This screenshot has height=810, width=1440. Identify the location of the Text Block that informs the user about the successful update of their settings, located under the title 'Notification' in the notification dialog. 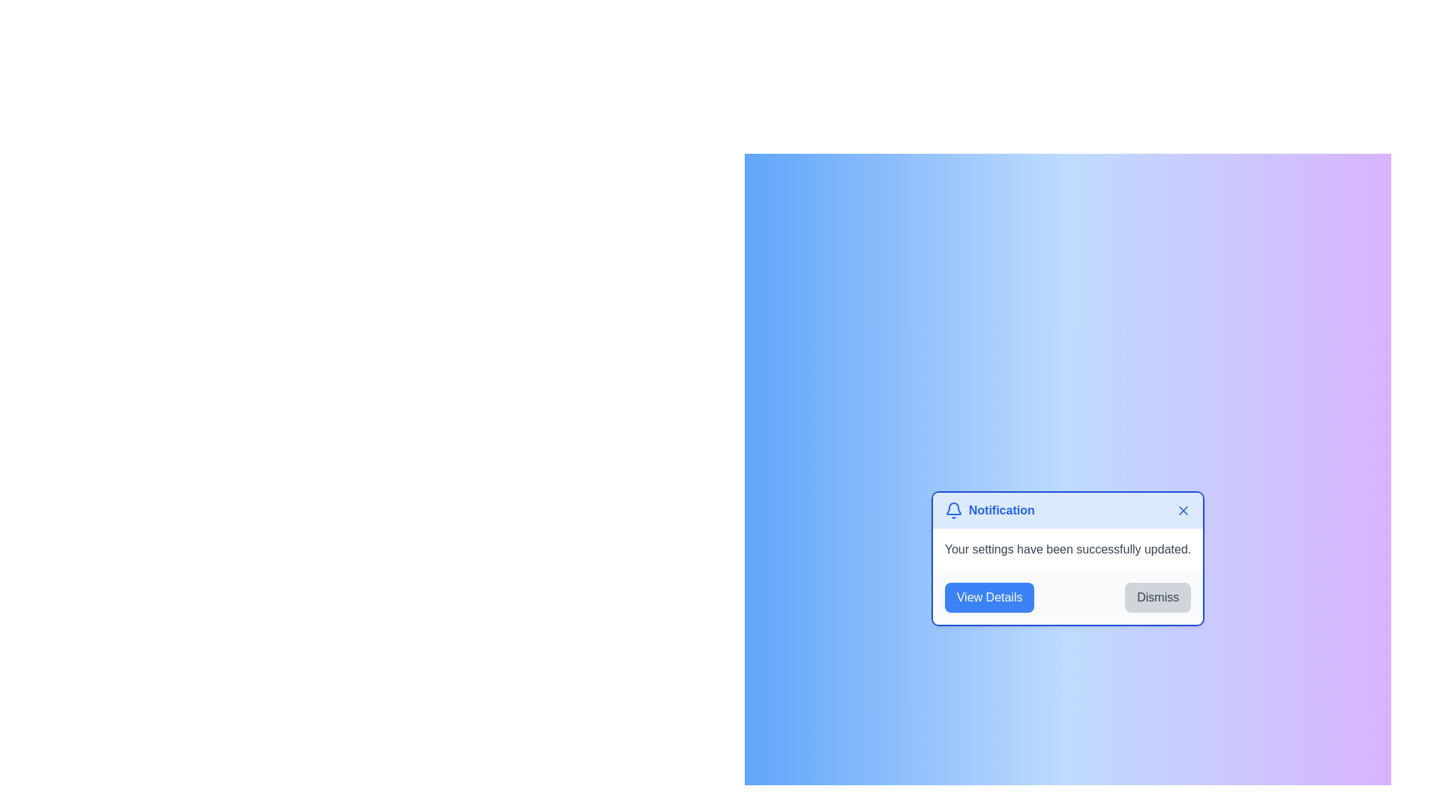
(1067, 549).